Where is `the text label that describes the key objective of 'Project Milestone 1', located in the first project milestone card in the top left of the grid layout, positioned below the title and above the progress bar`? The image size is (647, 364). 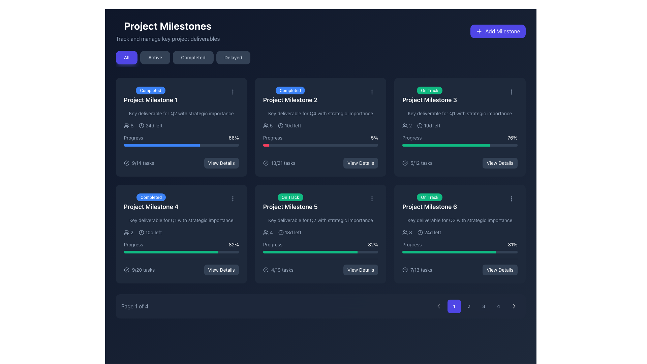 the text label that describes the key objective of 'Project Milestone 1', located in the first project milestone card in the top left of the grid layout, positioned below the title and above the progress bar is located at coordinates (181, 113).